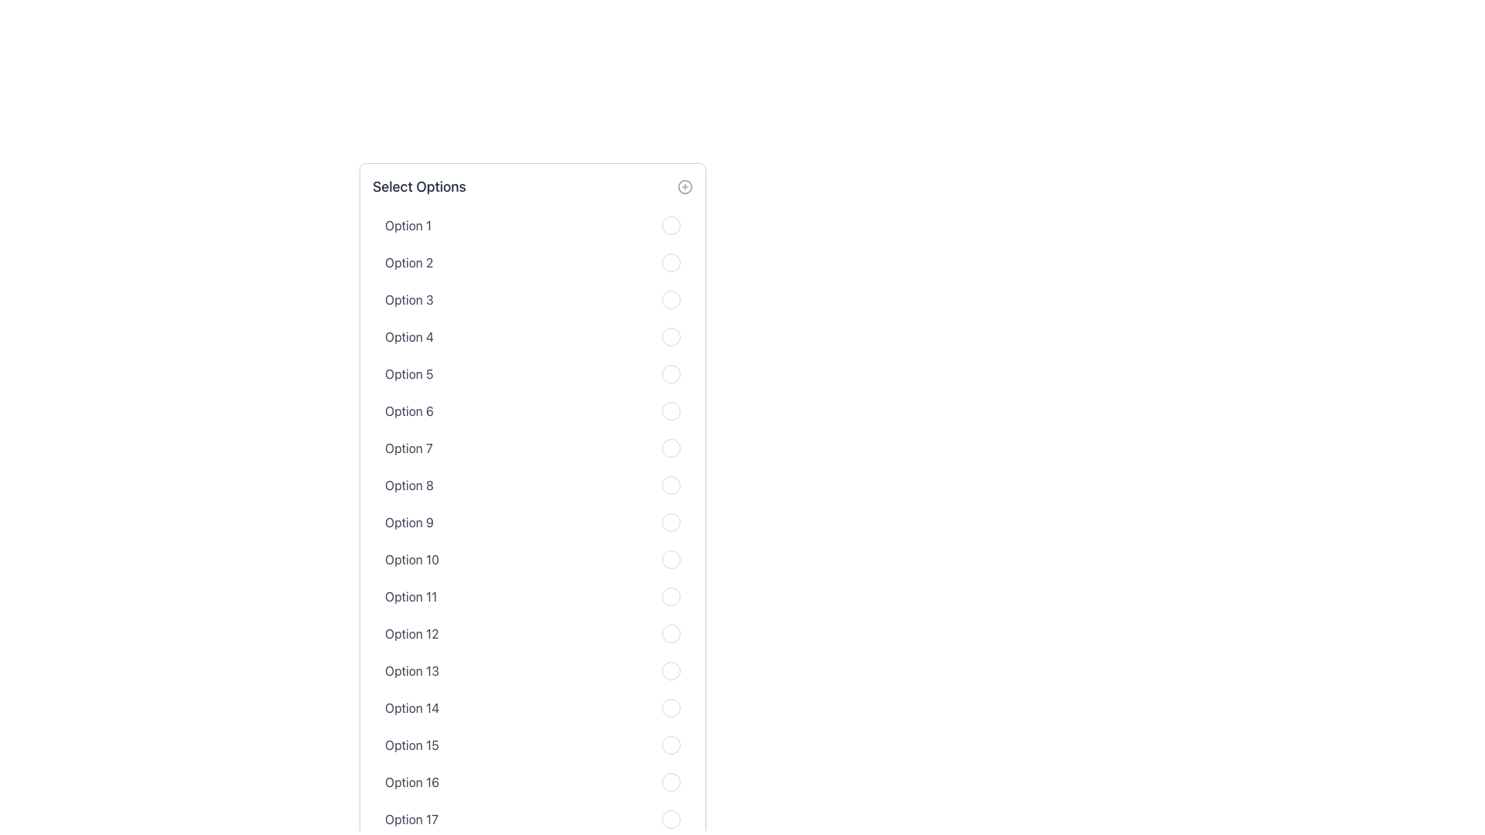 Image resolution: width=1485 pixels, height=835 pixels. Describe the element at coordinates (533, 448) in the screenshot. I see `the 7th Radio List Item, labeled 'Option 7'` at that location.